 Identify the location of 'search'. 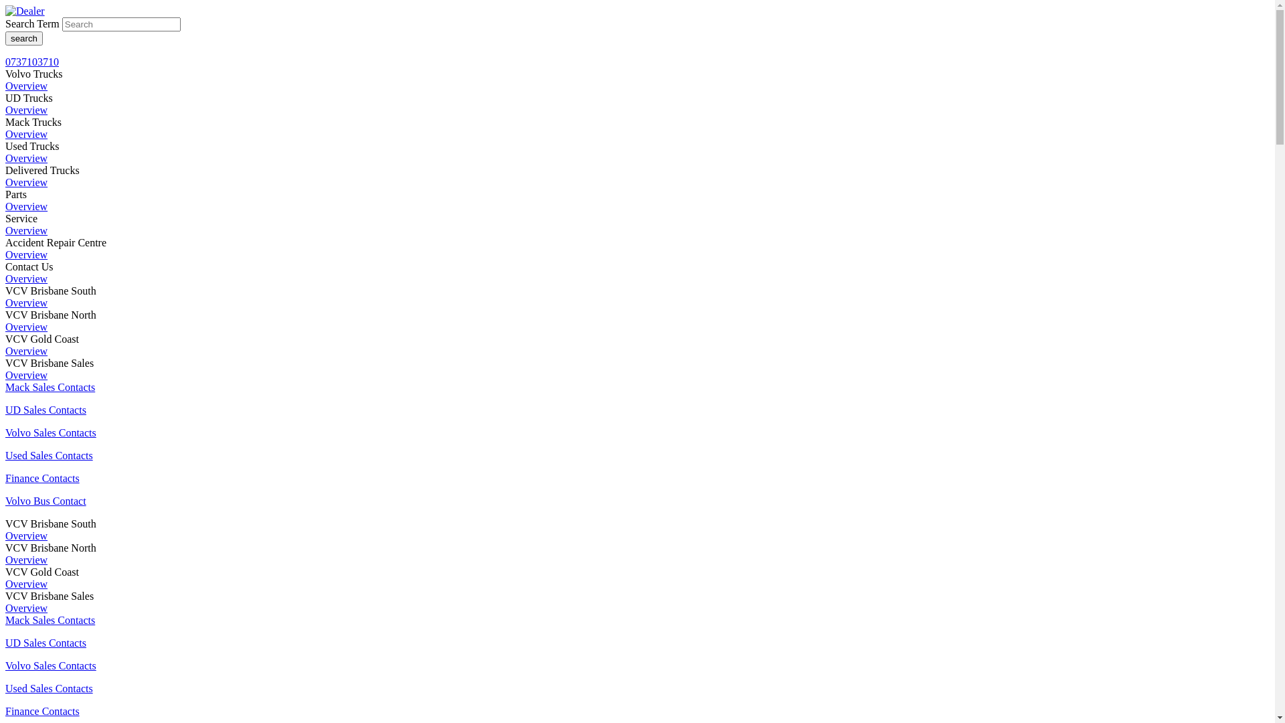
(23, 37).